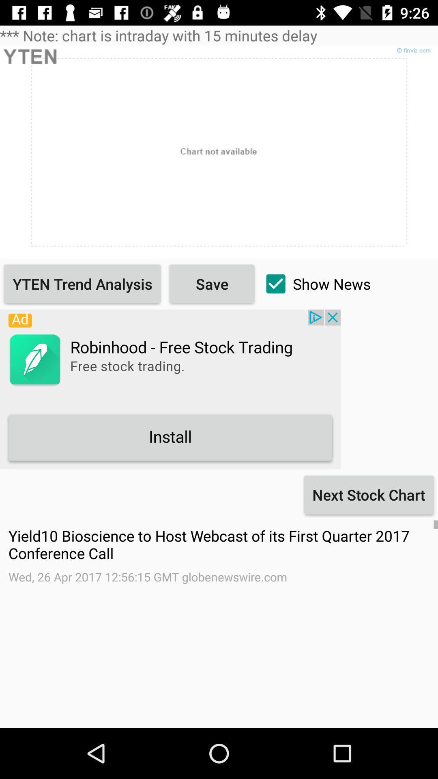 Image resolution: width=438 pixels, height=779 pixels. Describe the element at coordinates (170, 389) in the screenshot. I see `install app` at that location.